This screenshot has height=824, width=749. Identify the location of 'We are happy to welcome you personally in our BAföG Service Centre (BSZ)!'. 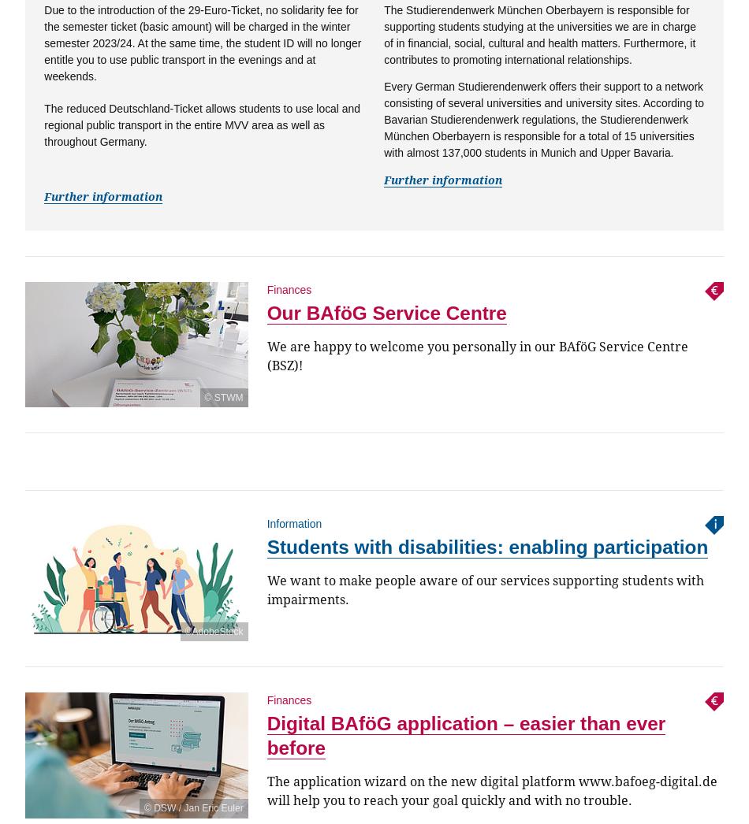
(476, 355).